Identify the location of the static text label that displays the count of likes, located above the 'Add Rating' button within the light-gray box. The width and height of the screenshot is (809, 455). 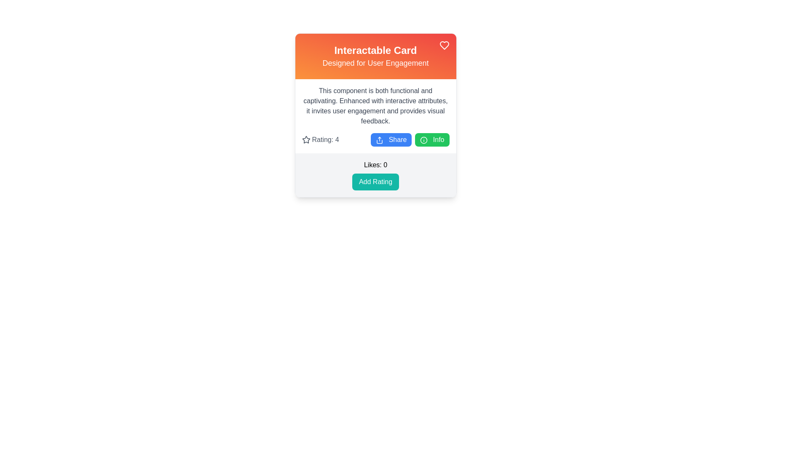
(375, 165).